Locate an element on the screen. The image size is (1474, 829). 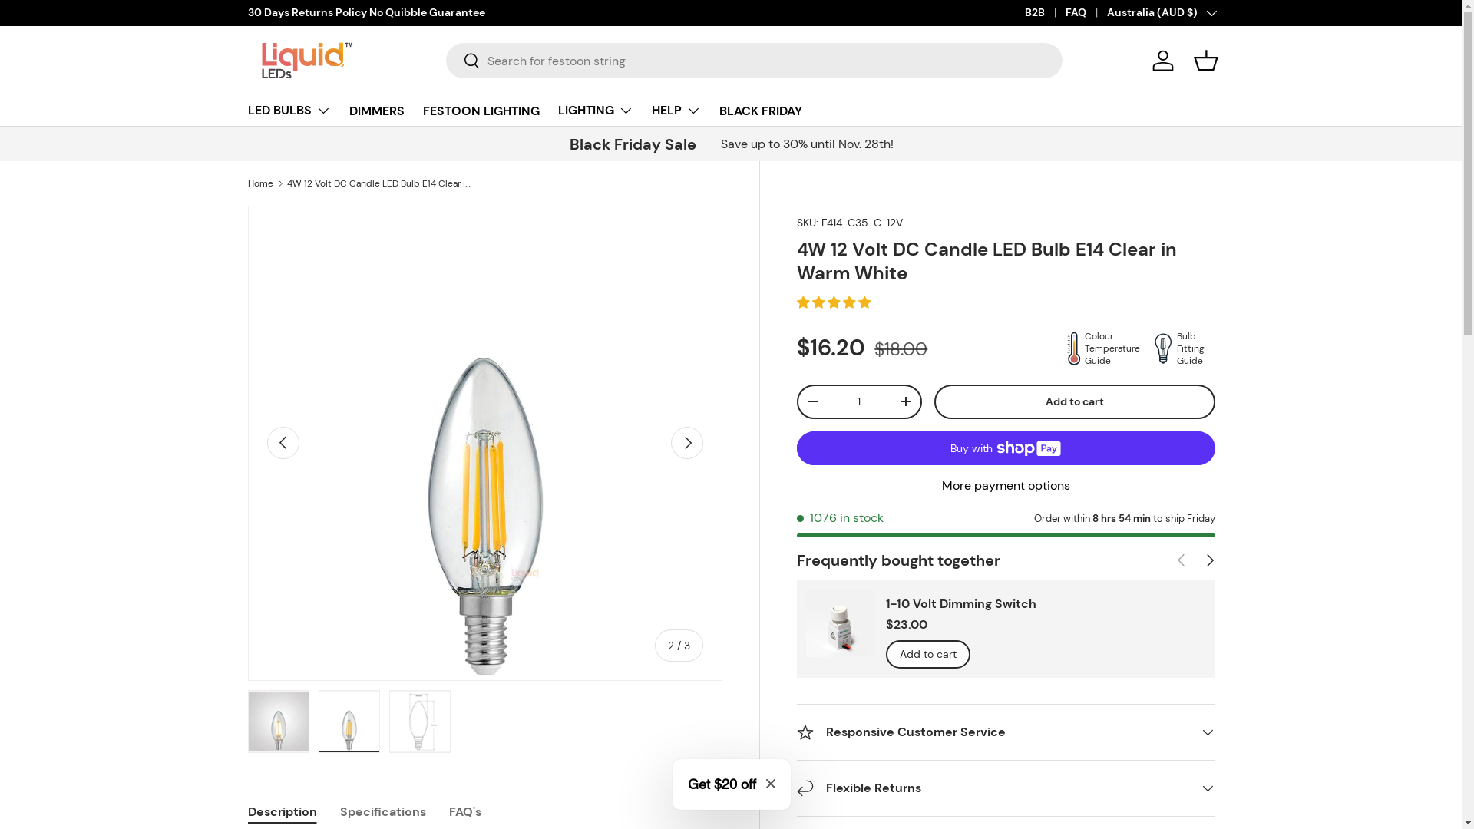
'-' is located at coordinates (798, 401).